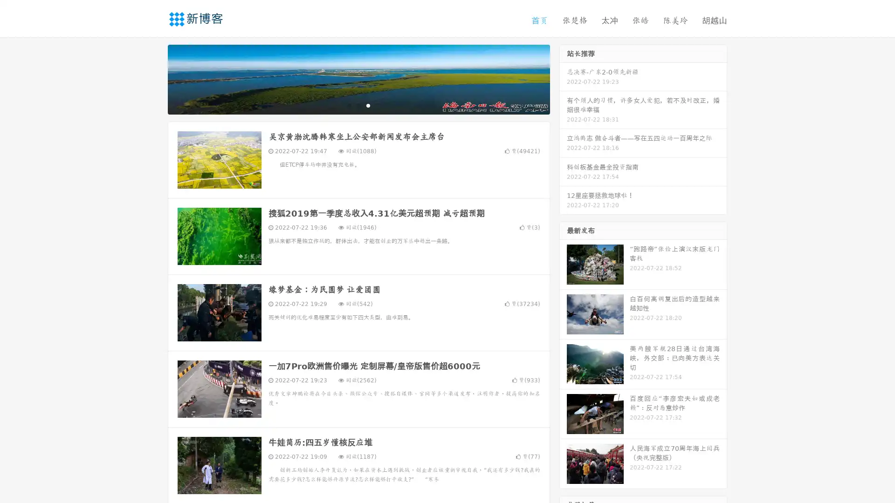  What do you see at coordinates (358, 105) in the screenshot?
I see `Go to slide 2` at bounding box center [358, 105].